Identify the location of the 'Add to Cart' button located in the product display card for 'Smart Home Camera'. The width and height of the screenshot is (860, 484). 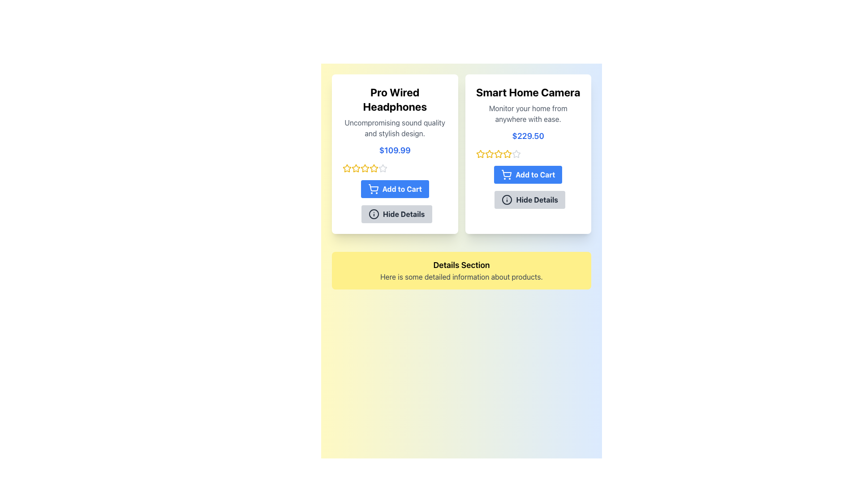
(528, 174).